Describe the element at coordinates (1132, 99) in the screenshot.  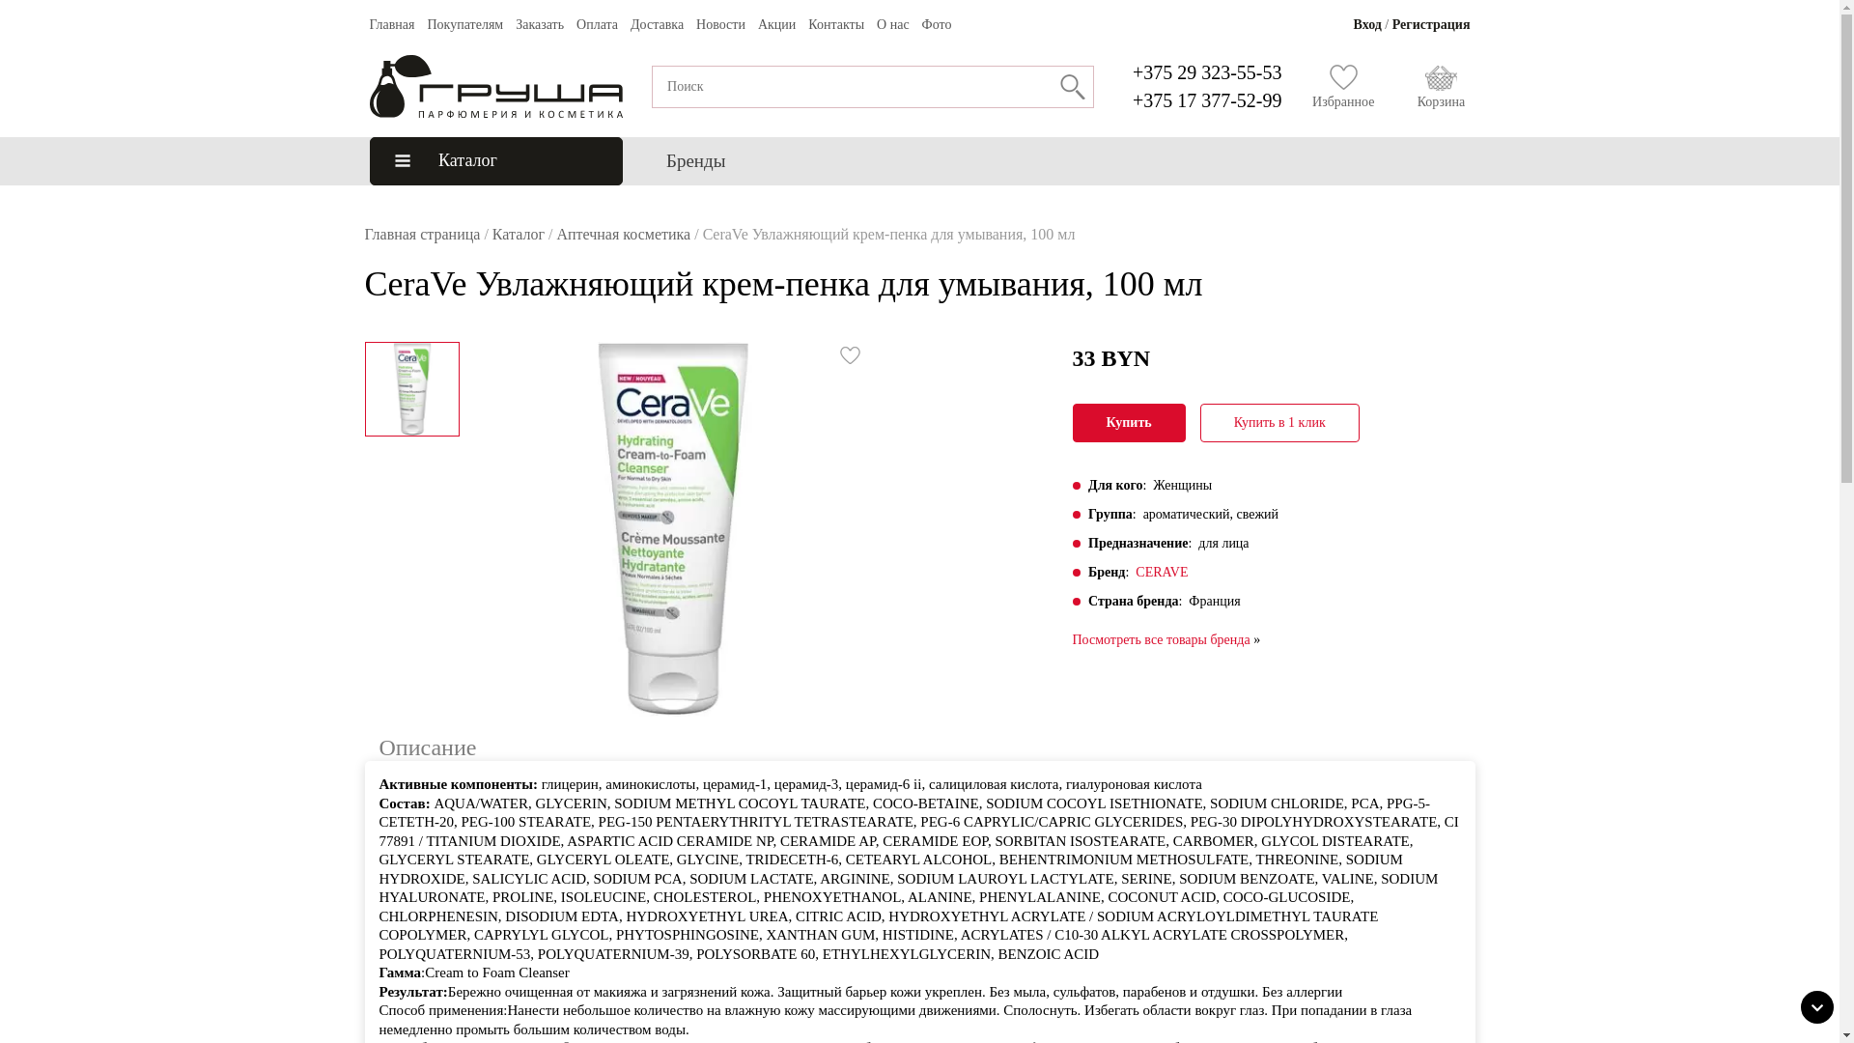
I see `'+375 17 377-52-99'` at that location.